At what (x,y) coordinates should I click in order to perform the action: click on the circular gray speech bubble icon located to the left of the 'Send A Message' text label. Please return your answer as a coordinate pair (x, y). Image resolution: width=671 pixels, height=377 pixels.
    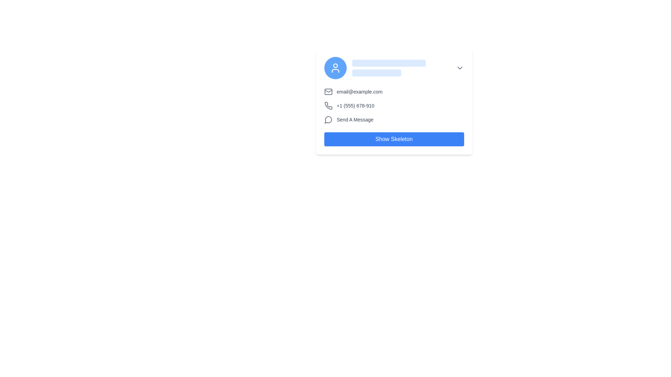
    Looking at the image, I should click on (328, 119).